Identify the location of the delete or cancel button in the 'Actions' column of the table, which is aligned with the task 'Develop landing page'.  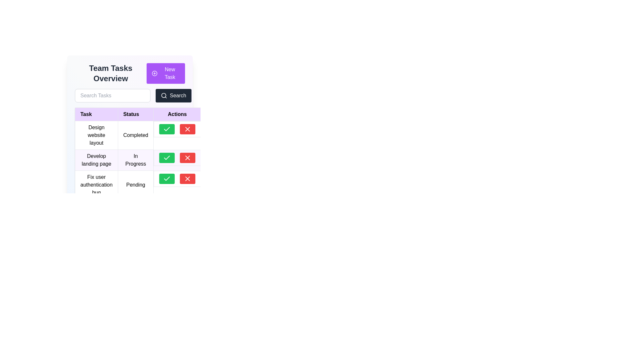
(187, 158).